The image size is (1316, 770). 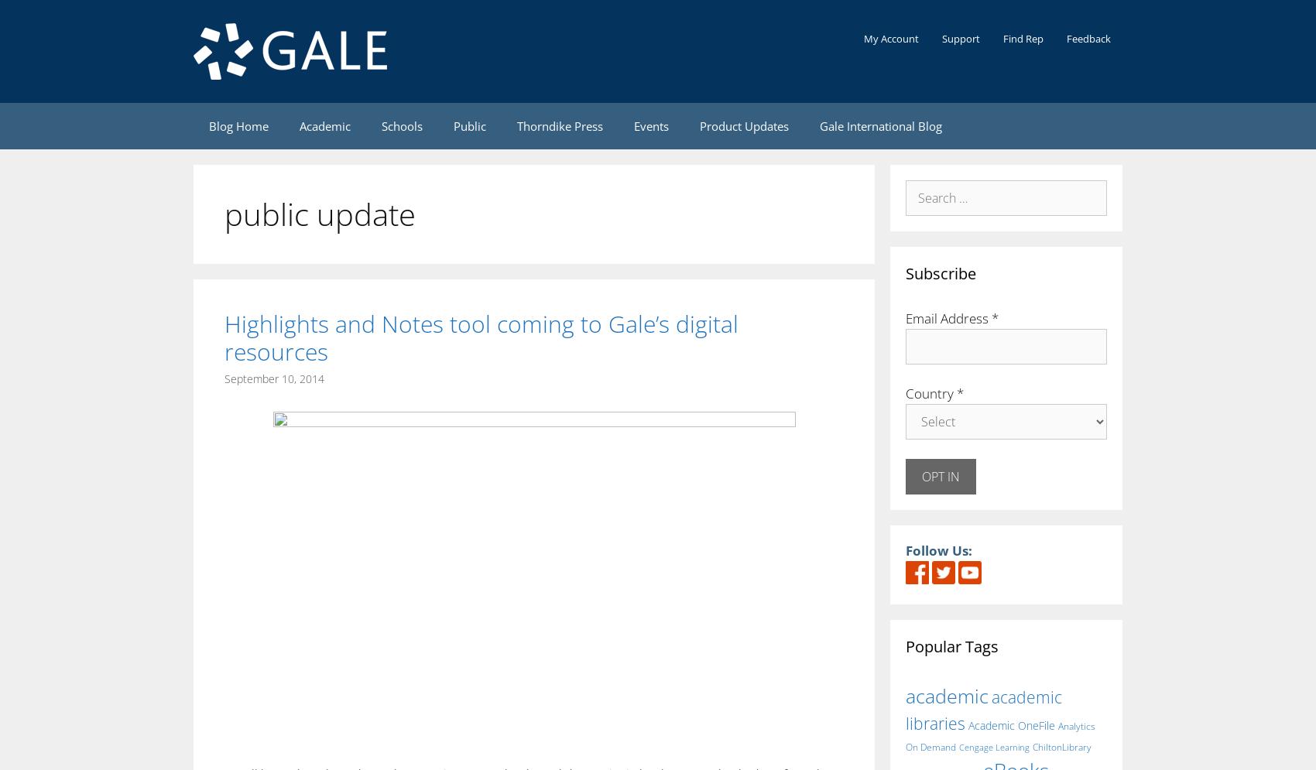 What do you see at coordinates (982, 708) in the screenshot?
I see `'academic libraries'` at bounding box center [982, 708].